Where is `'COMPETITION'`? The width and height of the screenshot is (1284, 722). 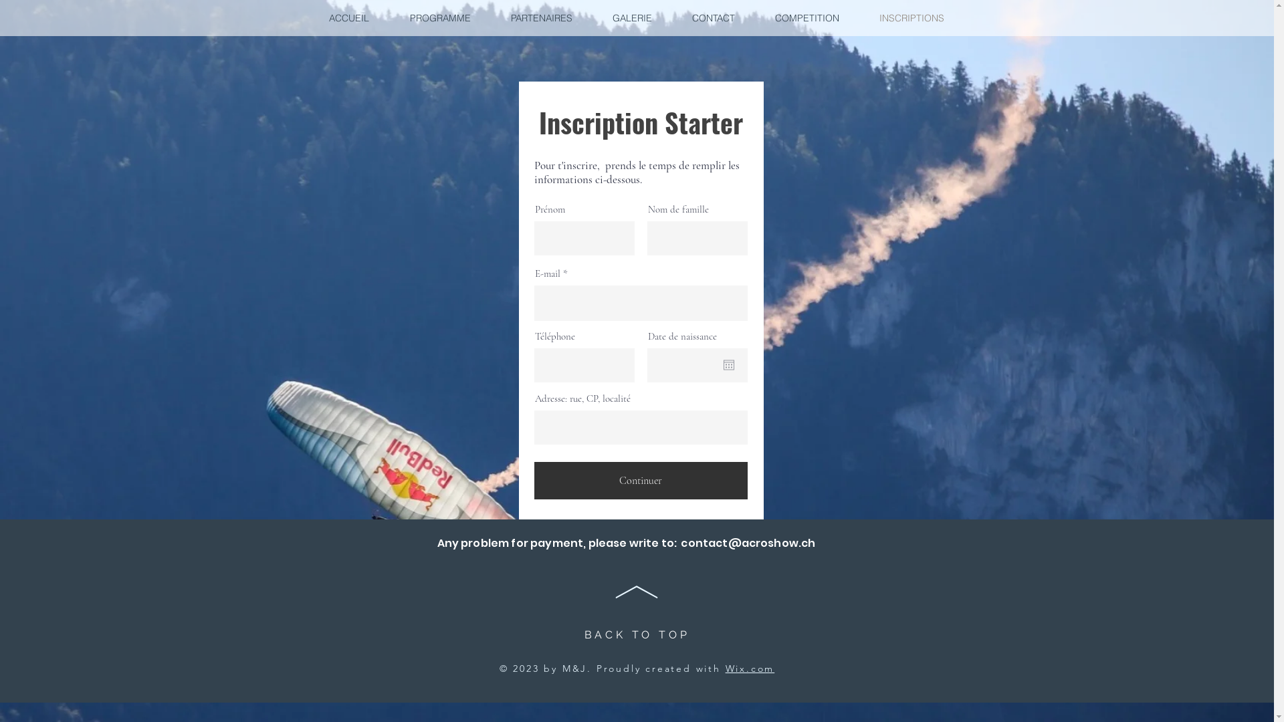
'COMPETITION' is located at coordinates (805, 18).